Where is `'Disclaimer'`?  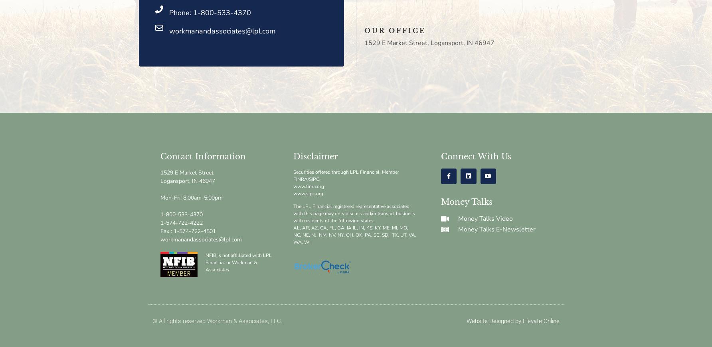
'Disclaimer' is located at coordinates (293, 156).